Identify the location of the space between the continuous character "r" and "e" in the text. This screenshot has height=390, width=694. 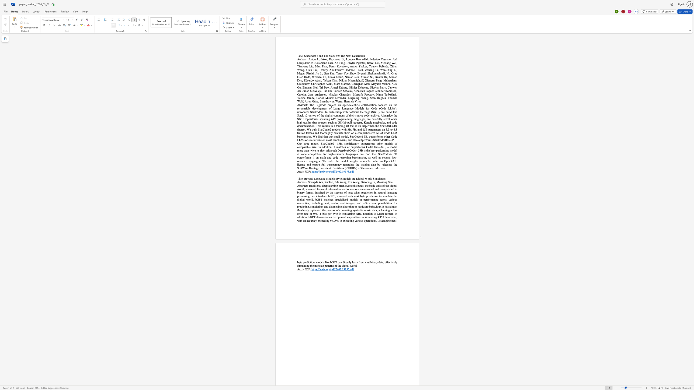
(354, 178).